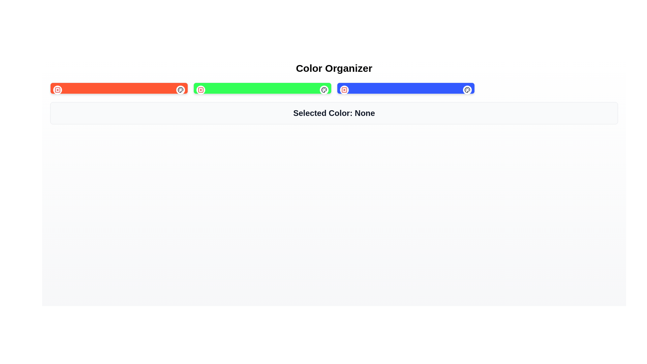 The width and height of the screenshot is (647, 364). Describe the element at coordinates (201, 89) in the screenshot. I see `the small, rounded button with a white background, featuring a red-bordered square and a red cross inside, located at the top-left corner of the green bar to activate hover effects` at that location.